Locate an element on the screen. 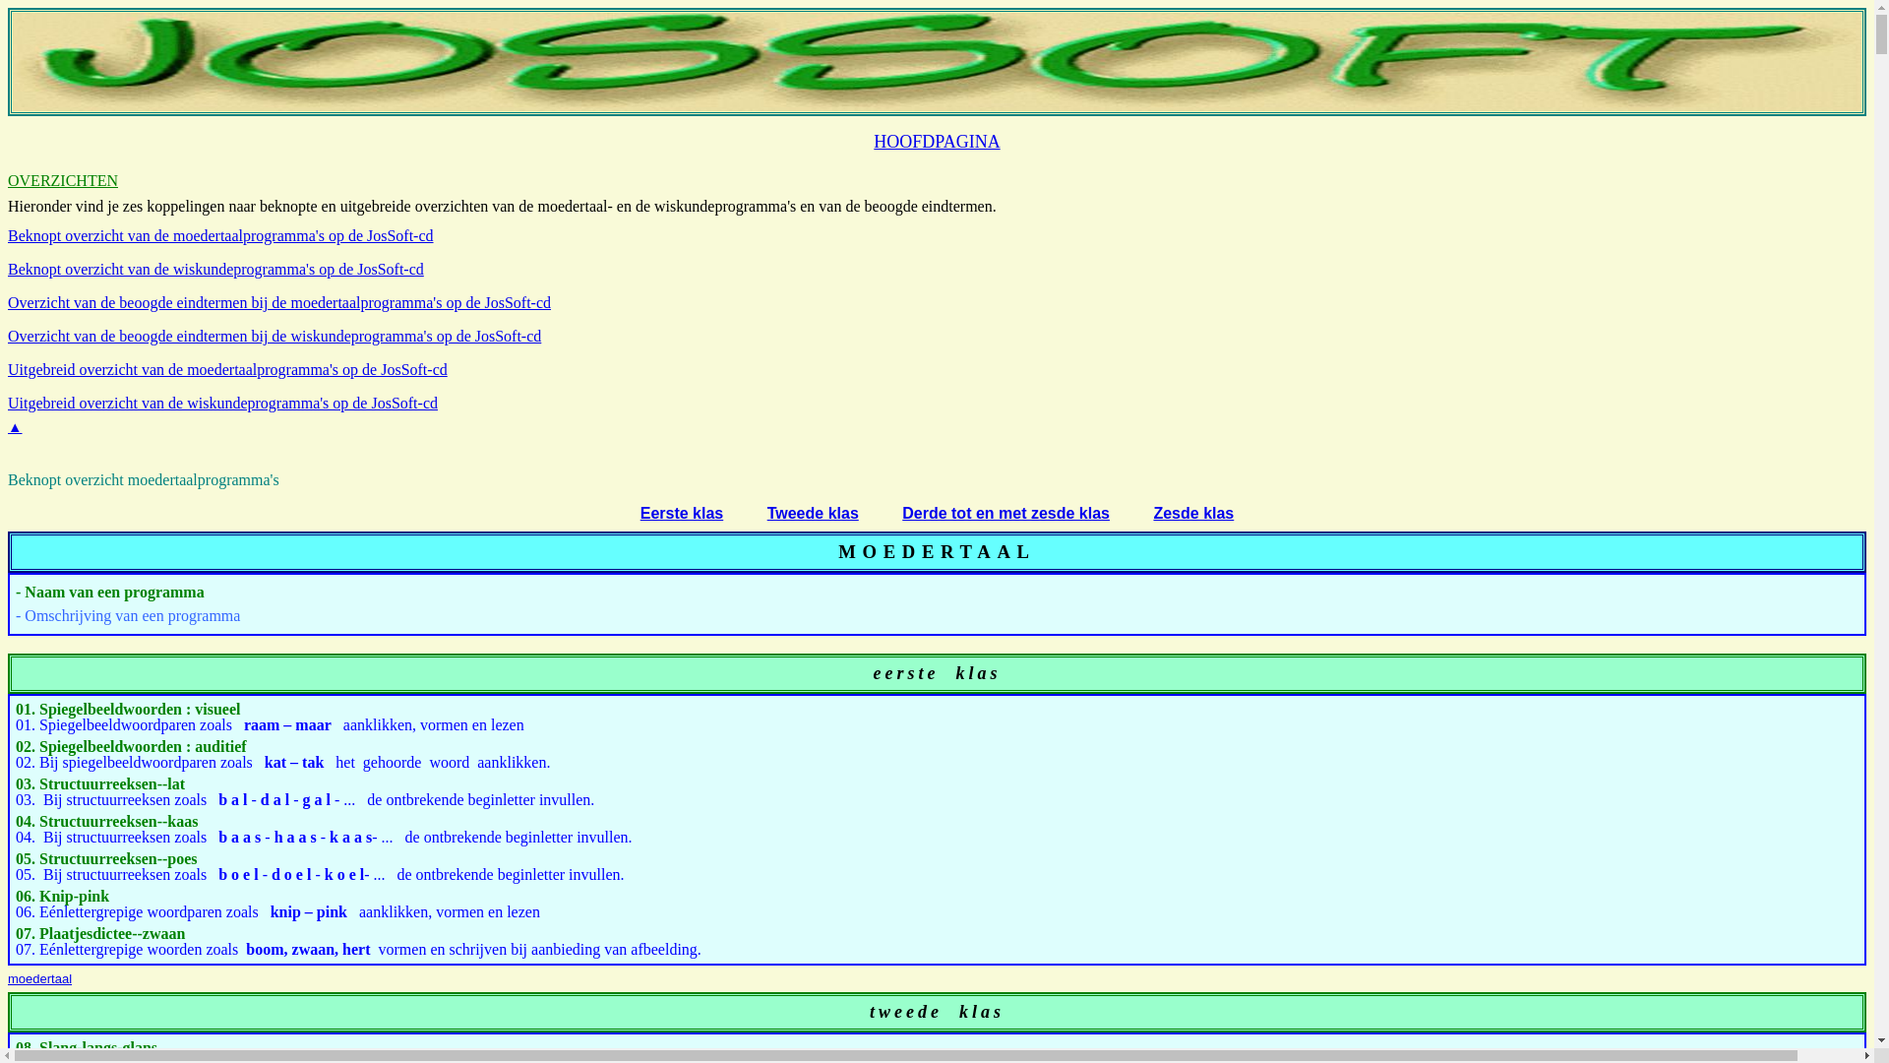  'OVERZICHTEN' is located at coordinates (62, 180).